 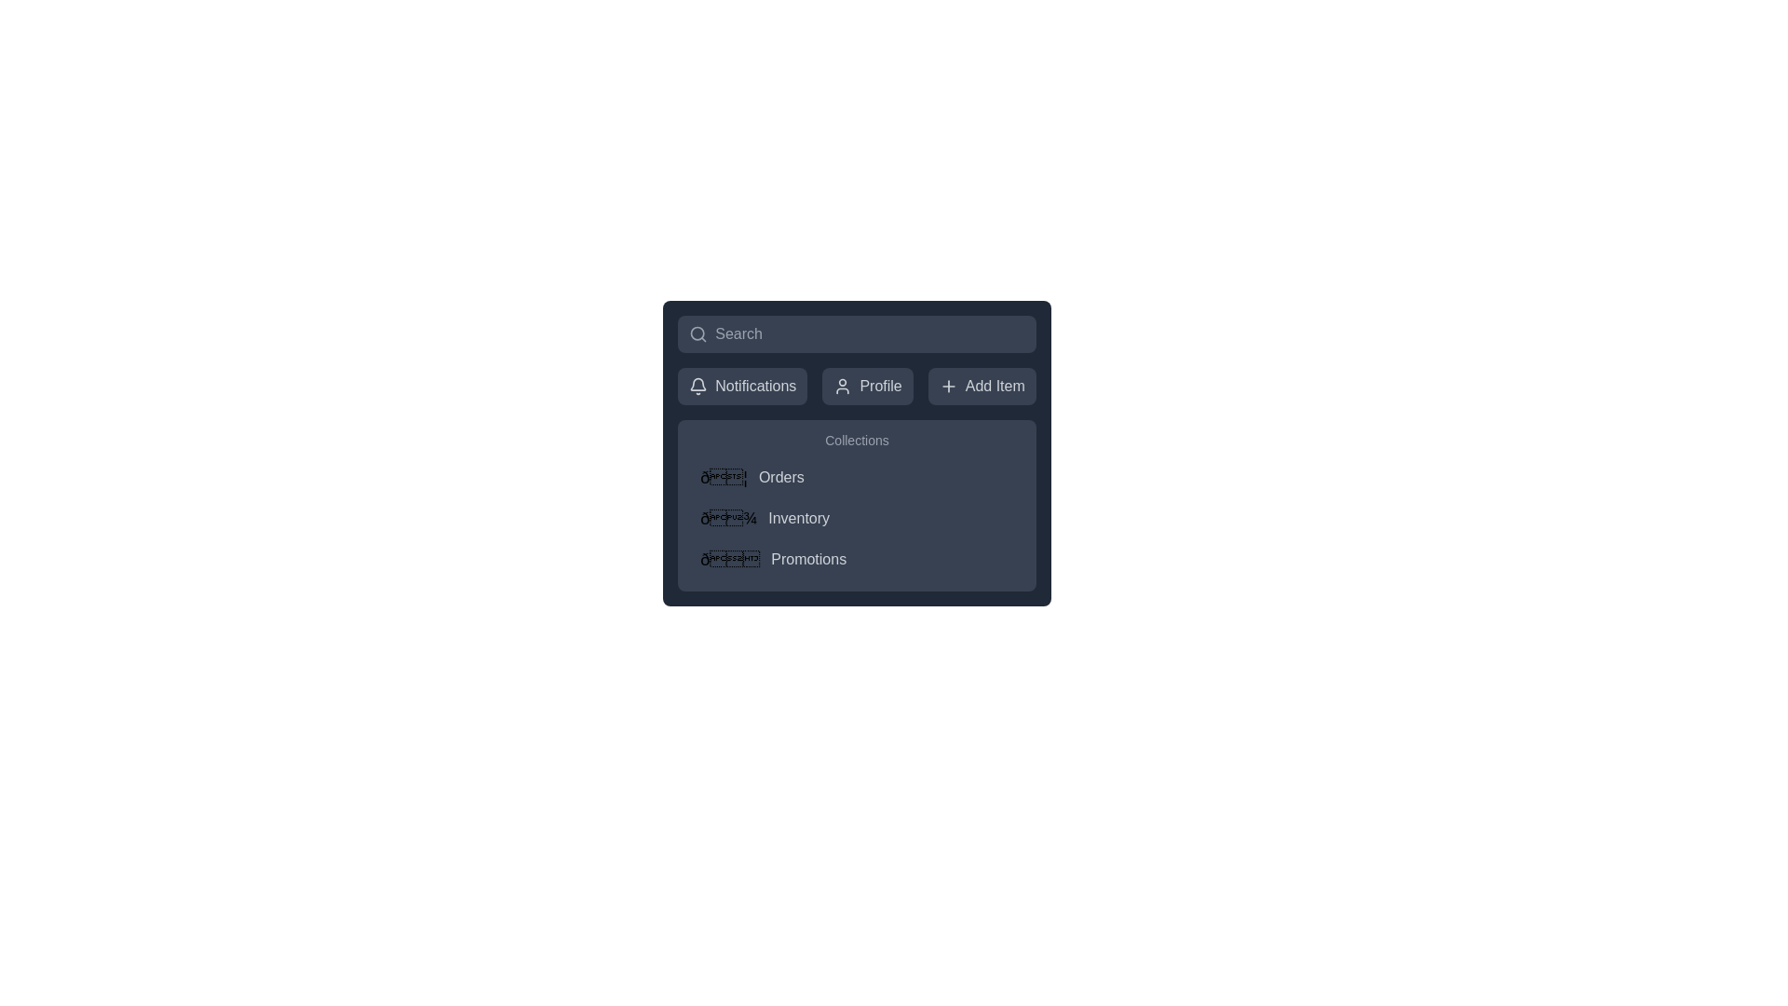 What do you see at coordinates (856, 559) in the screenshot?
I see `the promotions button located at the bottom of the vertical list structure` at bounding box center [856, 559].